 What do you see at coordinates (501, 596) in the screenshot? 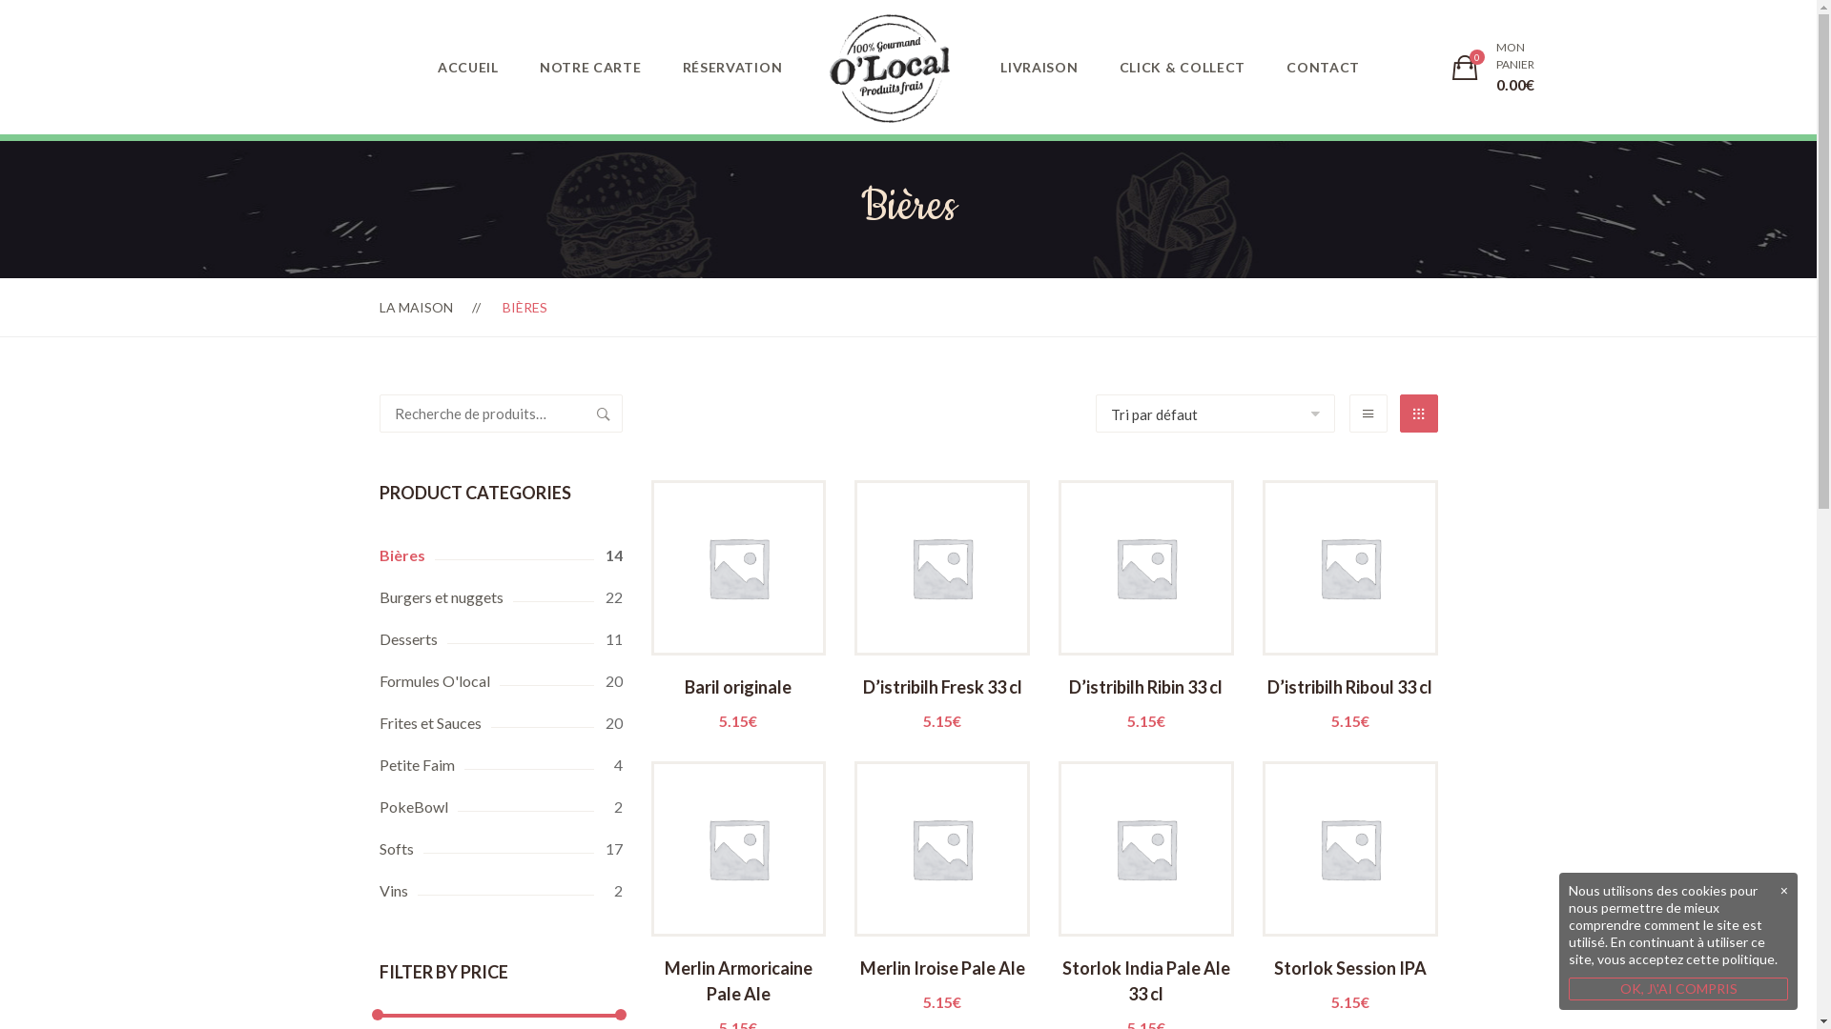
I see `'Burgers et nuggets'` at bounding box center [501, 596].